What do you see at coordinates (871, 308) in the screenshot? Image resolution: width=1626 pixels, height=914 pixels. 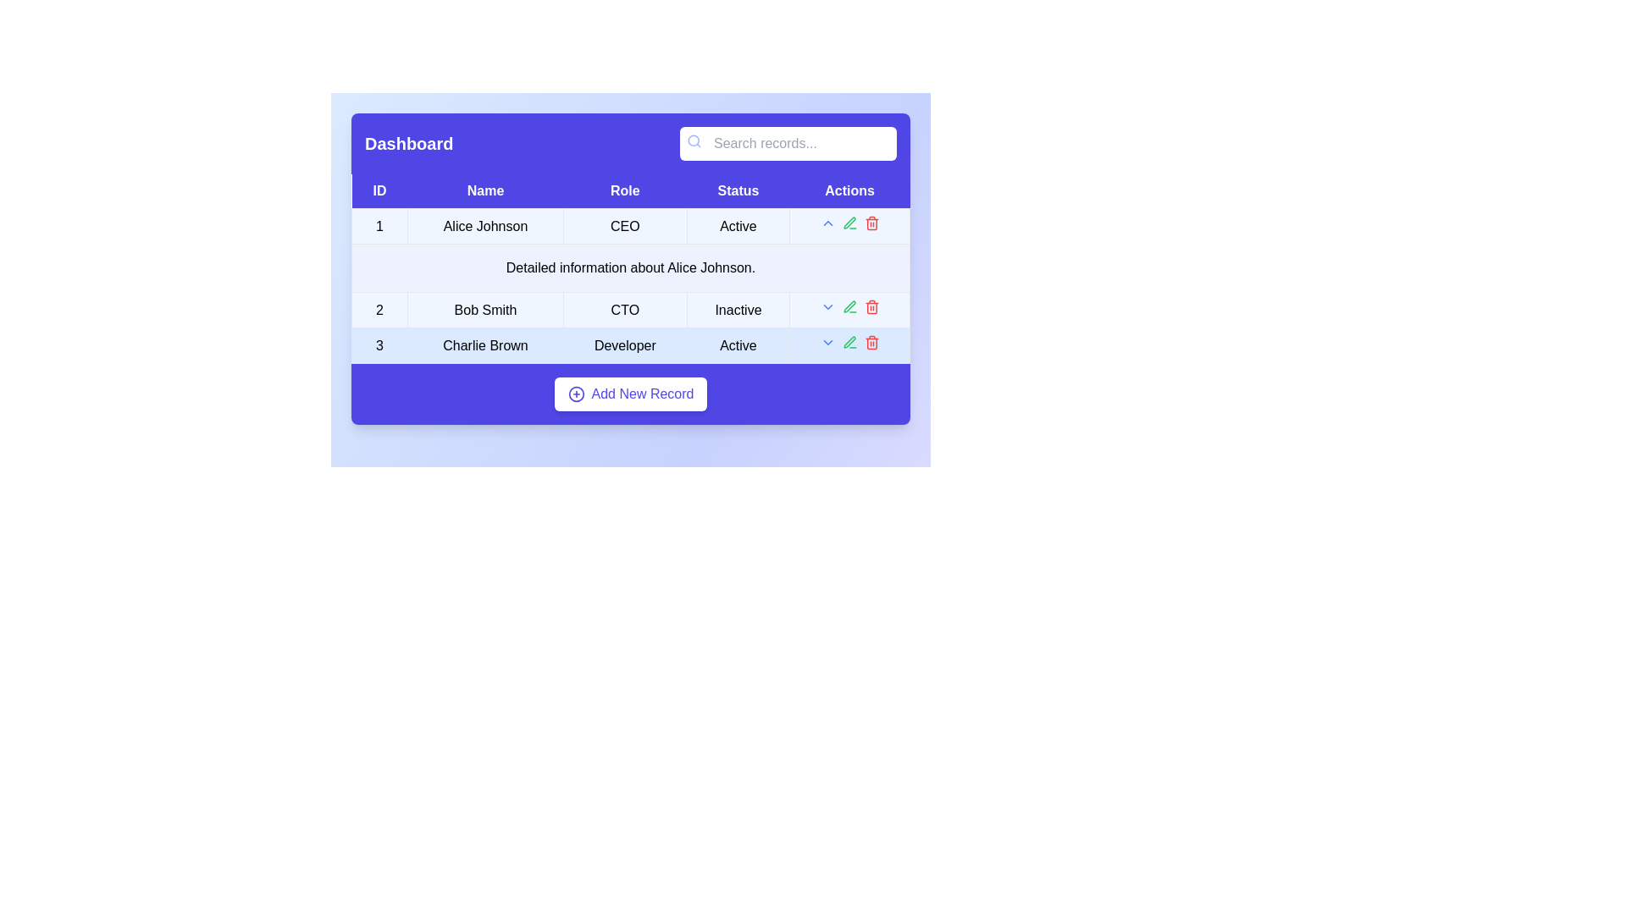 I see `the vertically-oriented rectangle of the trash can icon used for delete action in the 'Actions' column associated with the second record listing 'Bob Smith - CTO'` at bounding box center [871, 308].